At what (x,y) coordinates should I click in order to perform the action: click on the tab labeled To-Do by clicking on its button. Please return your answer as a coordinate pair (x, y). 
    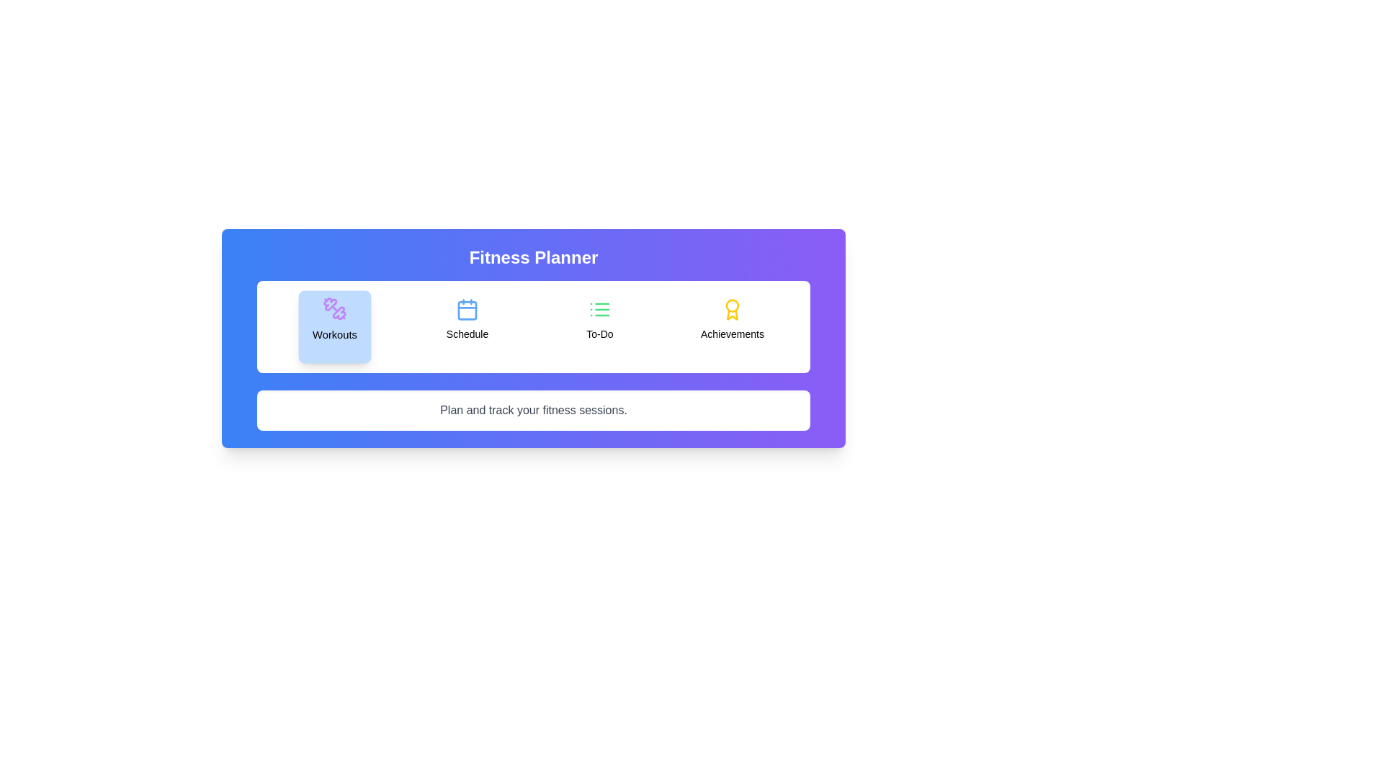
    Looking at the image, I should click on (600, 327).